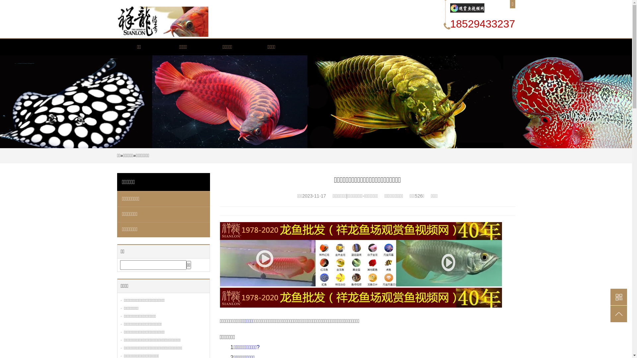 The height and width of the screenshot is (358, 637). What do you see at coordinates (482, 24) in the screenshot?
I see `'18529433237'` at bounding box center [482, 24].